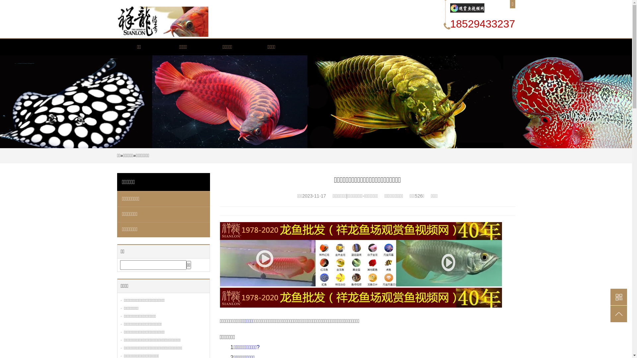 The height and width of the screenshot is (358, 637). What do you see at coordinates (482, 24) in the screenshot?
I see `'18529433237'` at bounding box center [482, 24].